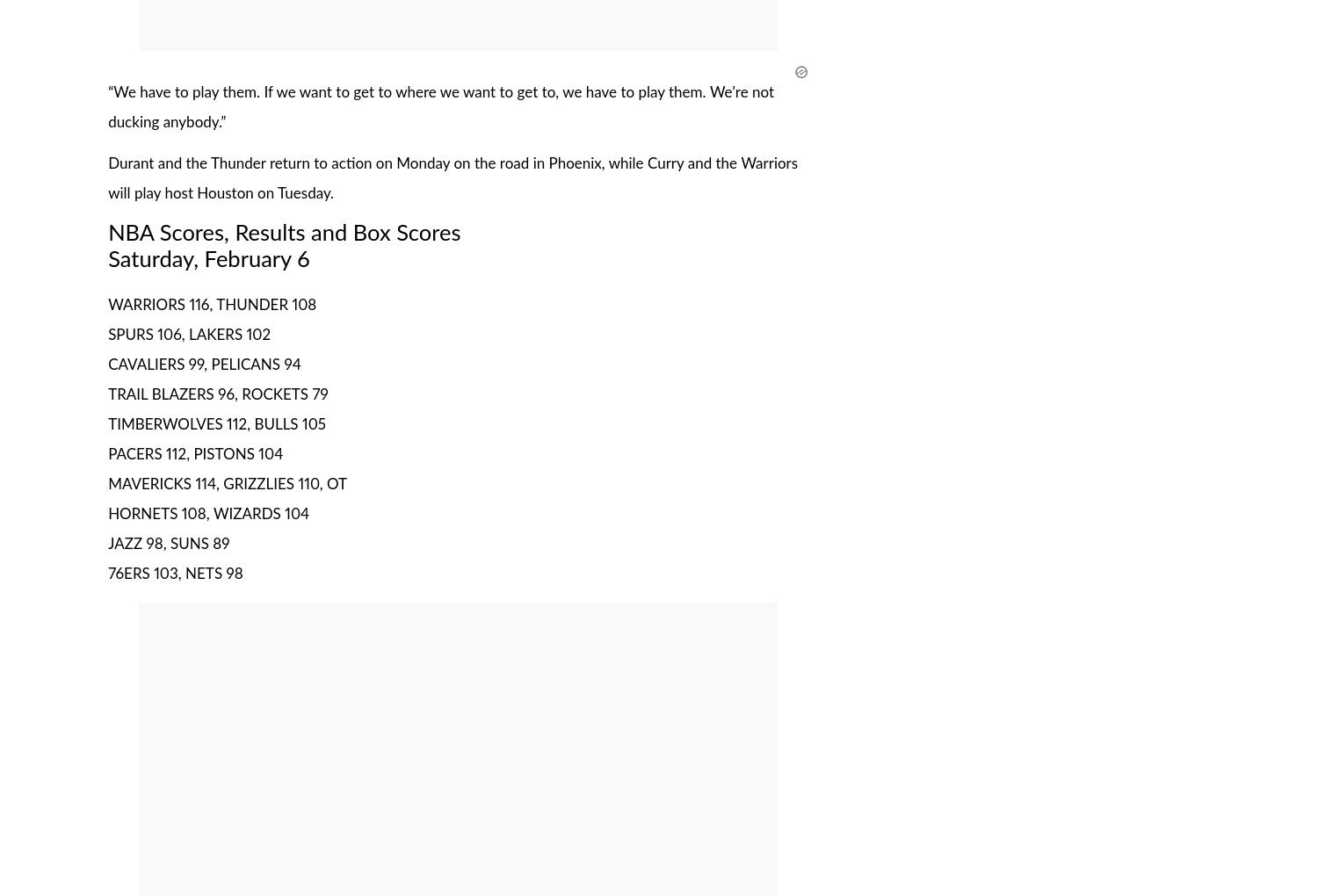 The image size is (1318, 896). Describe the element at coordinates (194, 453) in the screenshot. I see `'PACERS 112, PISTONS 104'` at that location.